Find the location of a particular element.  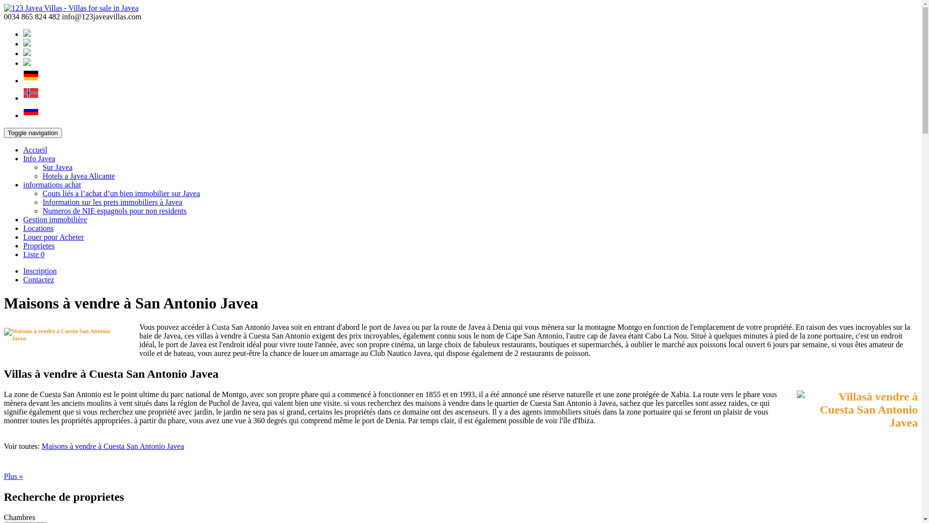

'Accueil' is located at coordinates (35, 150).